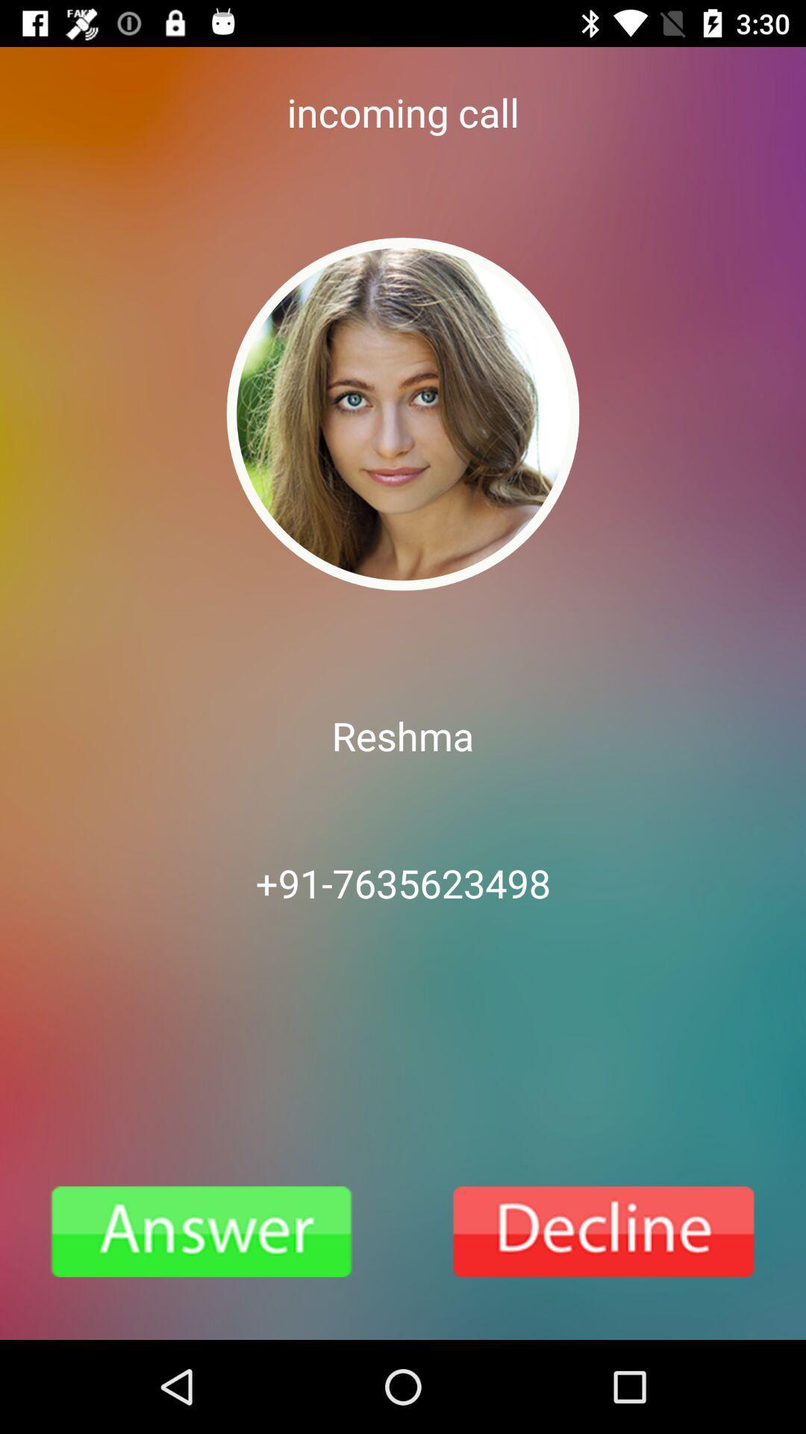 The width and height of the screenshot is (806, 1434). I want to click on call is going to end, so click(604, 1232).